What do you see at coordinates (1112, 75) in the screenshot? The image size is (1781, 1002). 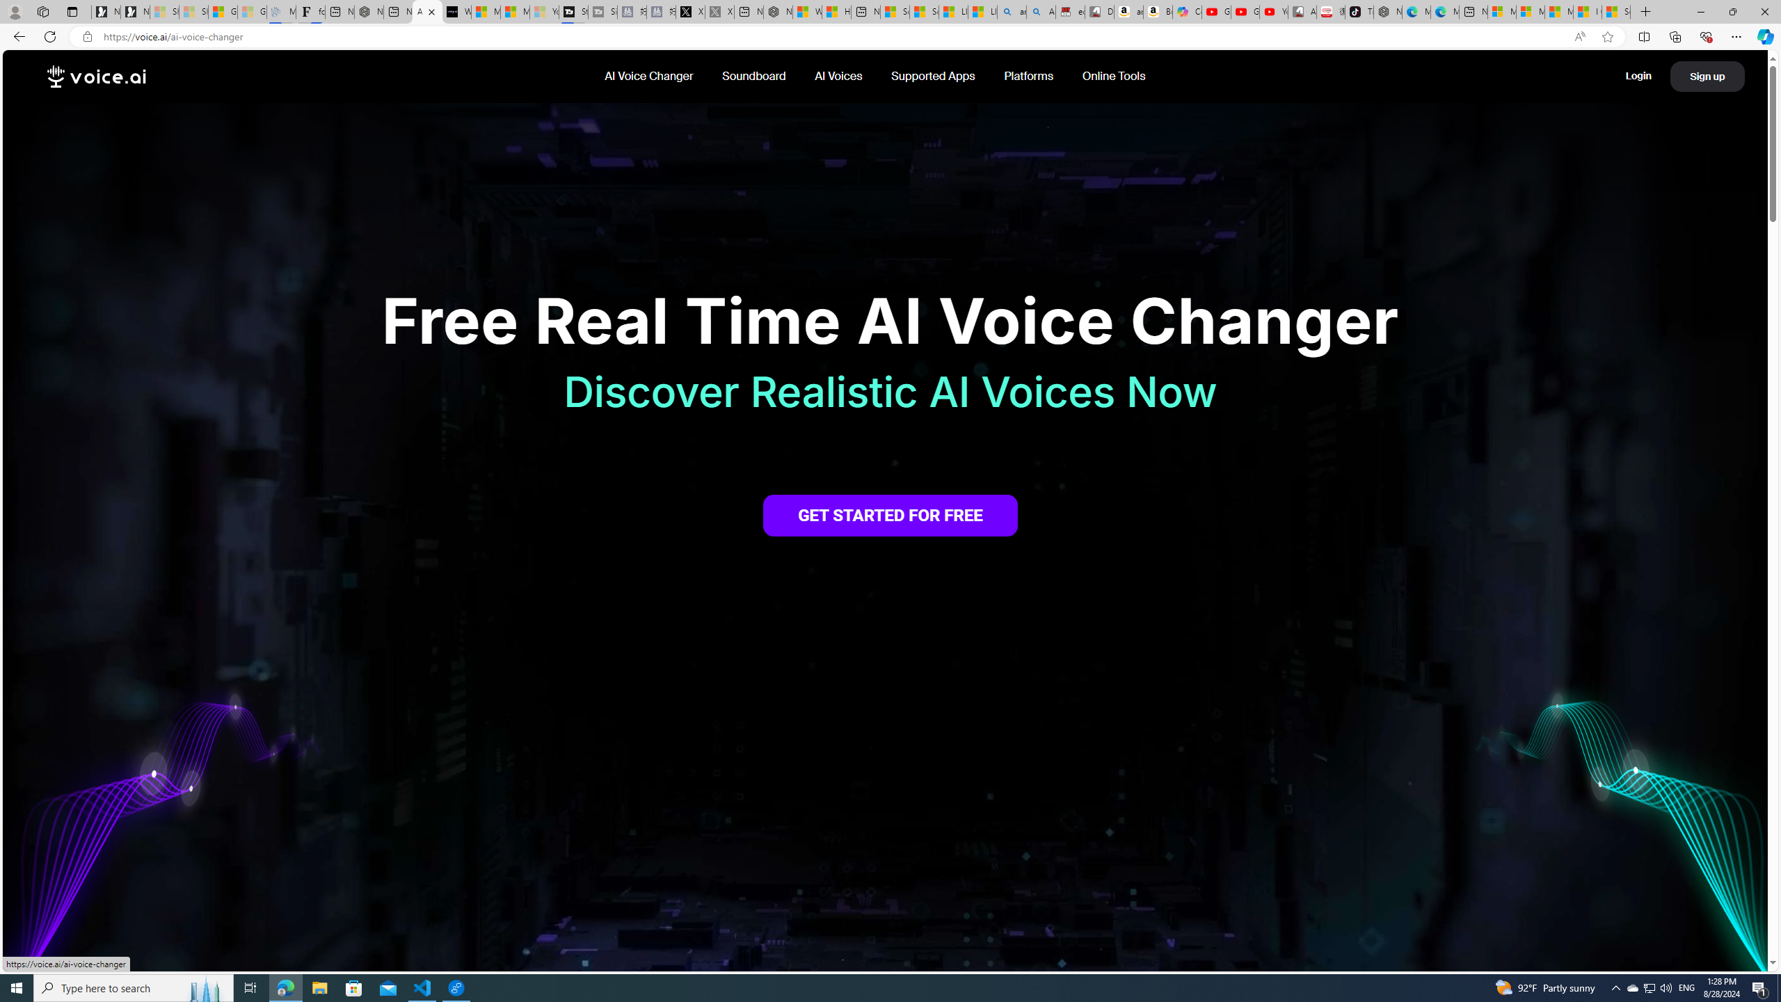 I see `'Online Tools'` at bounding box center [1112, 75].